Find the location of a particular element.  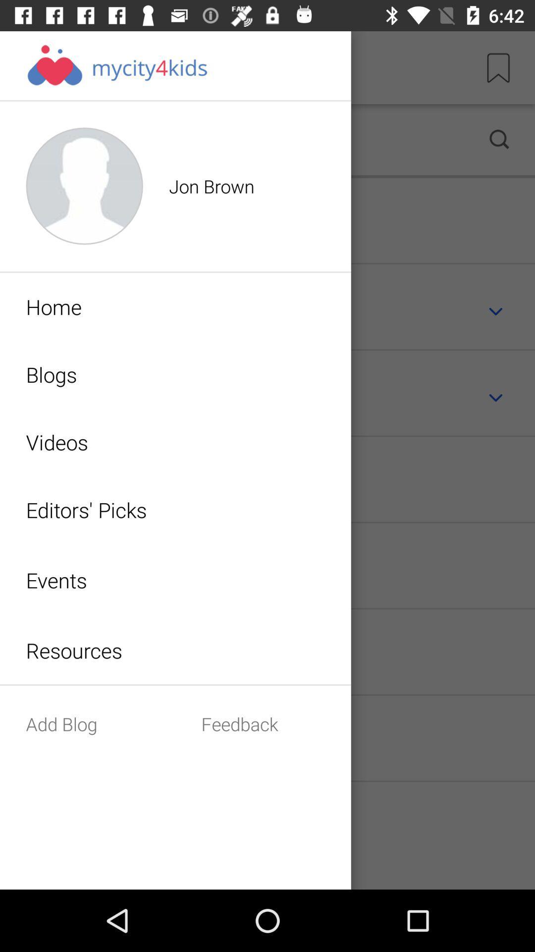

the text beside the profile icon is located at coordinates (246, 186).